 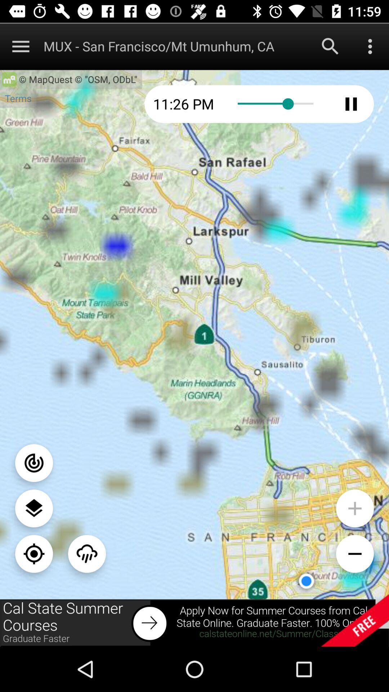 What do you see at coordinates (34, 508) in the screenshot?
I see `bird 's eye` at bounding box center [34, 508].